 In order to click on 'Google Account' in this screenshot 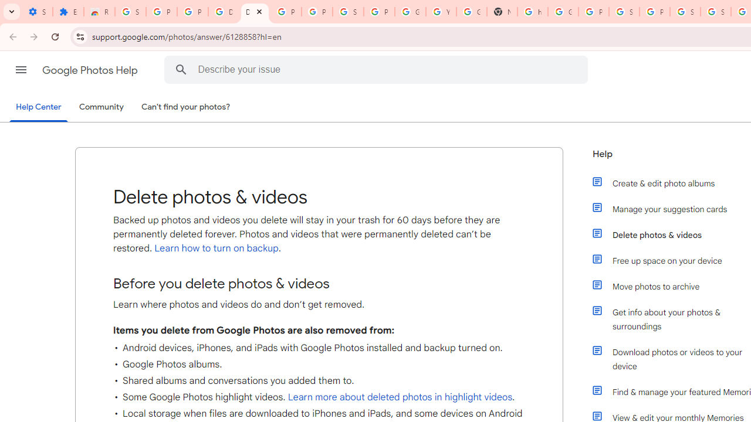, I will do `click(410, 12)`.